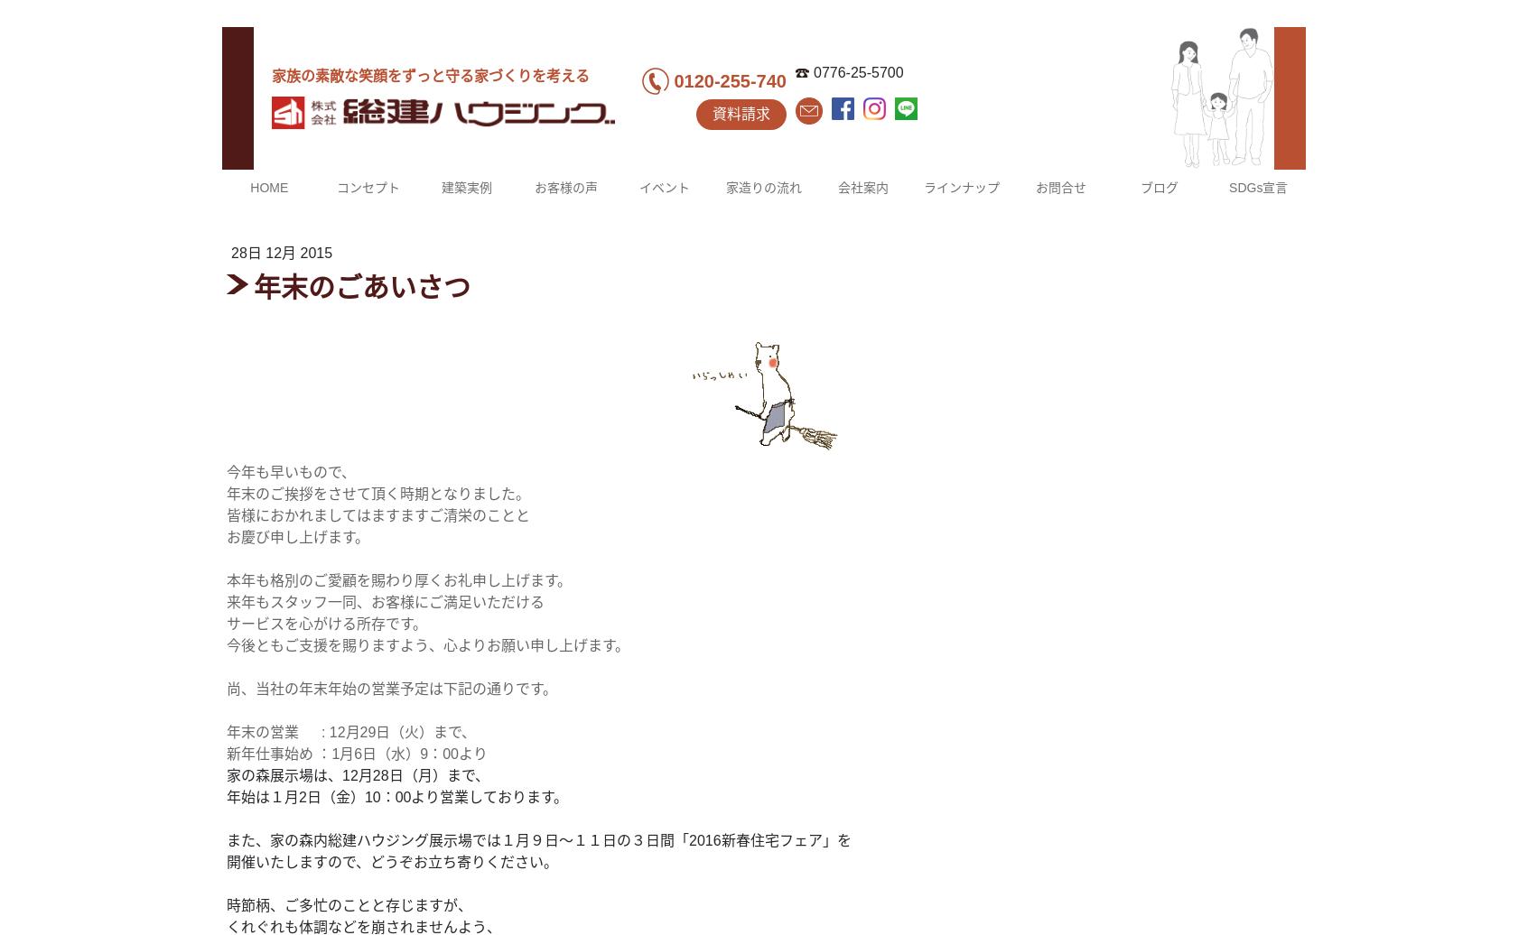 The width and height of the screenshot is (1528, 935). I want to click on '坂井市S様邸', so click(464, 528).